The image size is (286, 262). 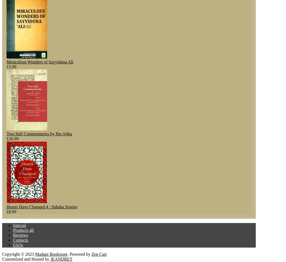 I want to click on 'Miraculous Wonders of Sayyiduna Ali', so click(x=39, y=61).